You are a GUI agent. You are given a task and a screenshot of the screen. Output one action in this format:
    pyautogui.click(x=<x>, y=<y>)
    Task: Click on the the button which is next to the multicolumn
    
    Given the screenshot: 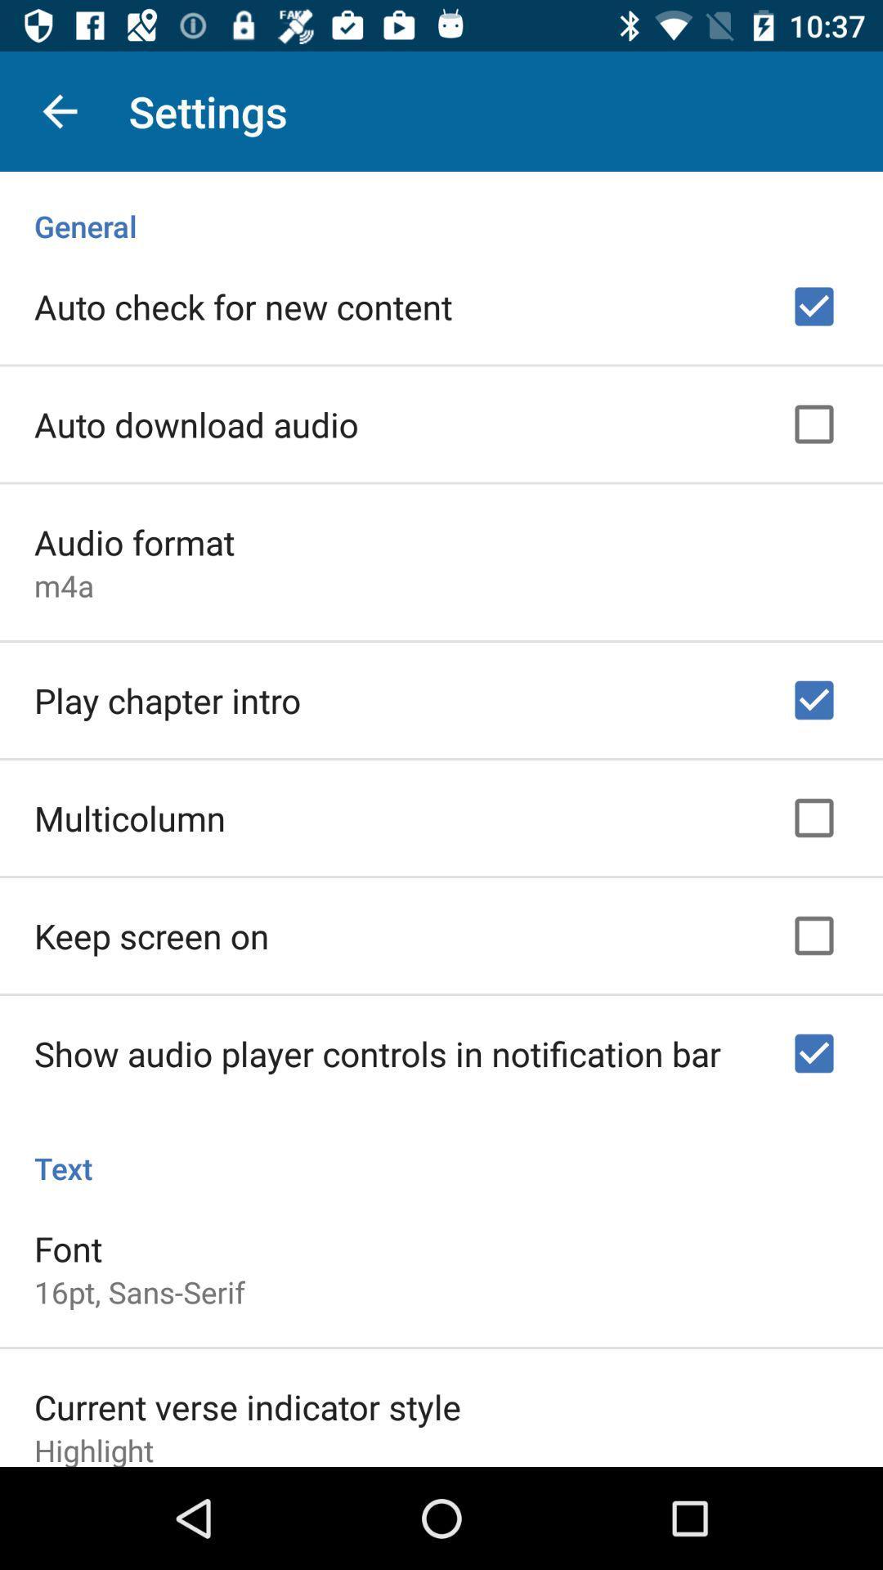 What is the action you would take?
    pyautogui.click(x=814, y=819)
    